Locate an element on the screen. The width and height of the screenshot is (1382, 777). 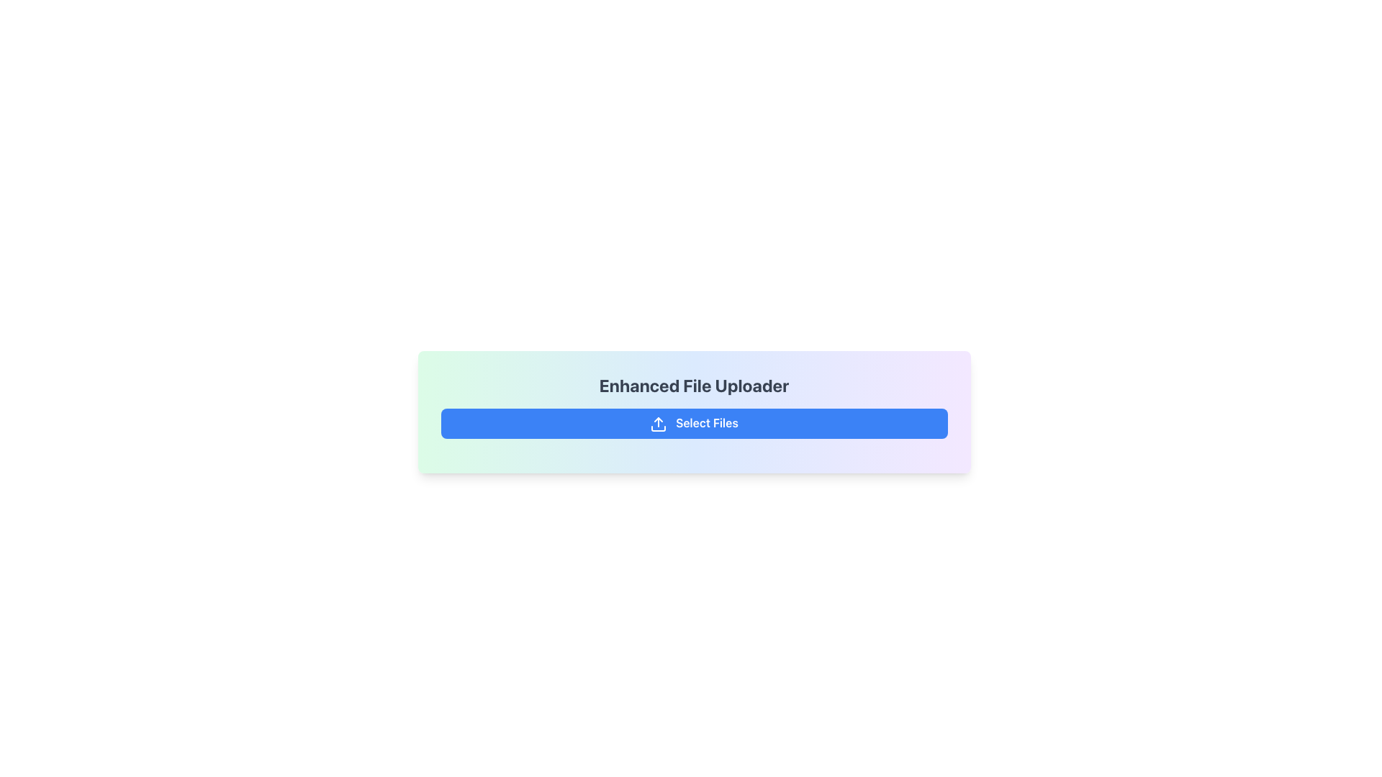
the centrally positioned button labeled 'Enhanced File Uploader' to observe the hover effect is located at coordinates (694, 422).